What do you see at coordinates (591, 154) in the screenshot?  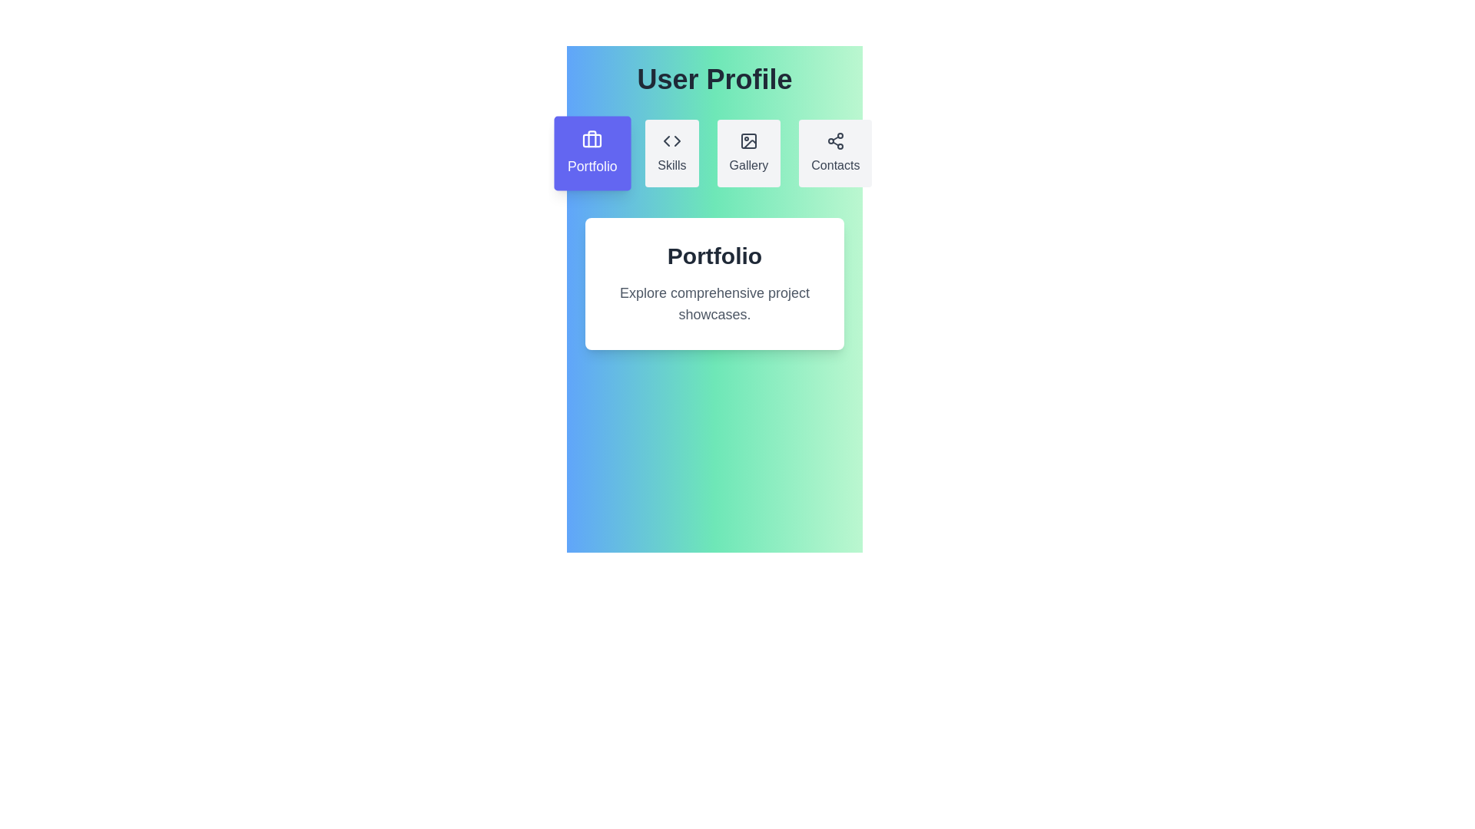 I see `the tab labeled Portfolio to see its hover effect` at bounding box center [591, 154].